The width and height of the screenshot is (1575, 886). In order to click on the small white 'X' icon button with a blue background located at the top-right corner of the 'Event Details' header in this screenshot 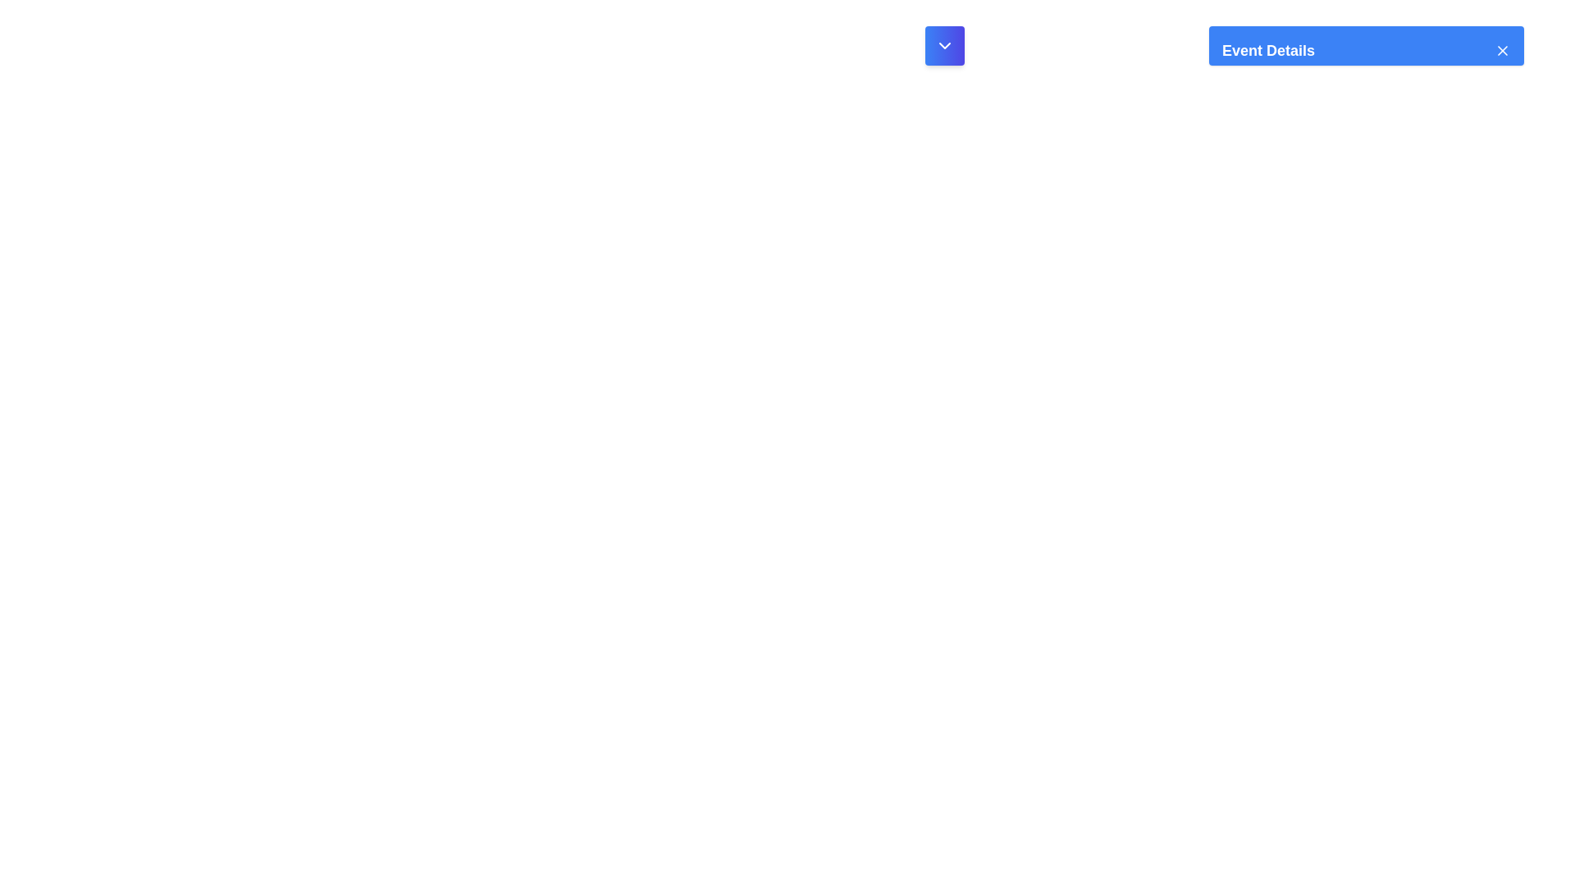, I will do `click(1503, 49)`.